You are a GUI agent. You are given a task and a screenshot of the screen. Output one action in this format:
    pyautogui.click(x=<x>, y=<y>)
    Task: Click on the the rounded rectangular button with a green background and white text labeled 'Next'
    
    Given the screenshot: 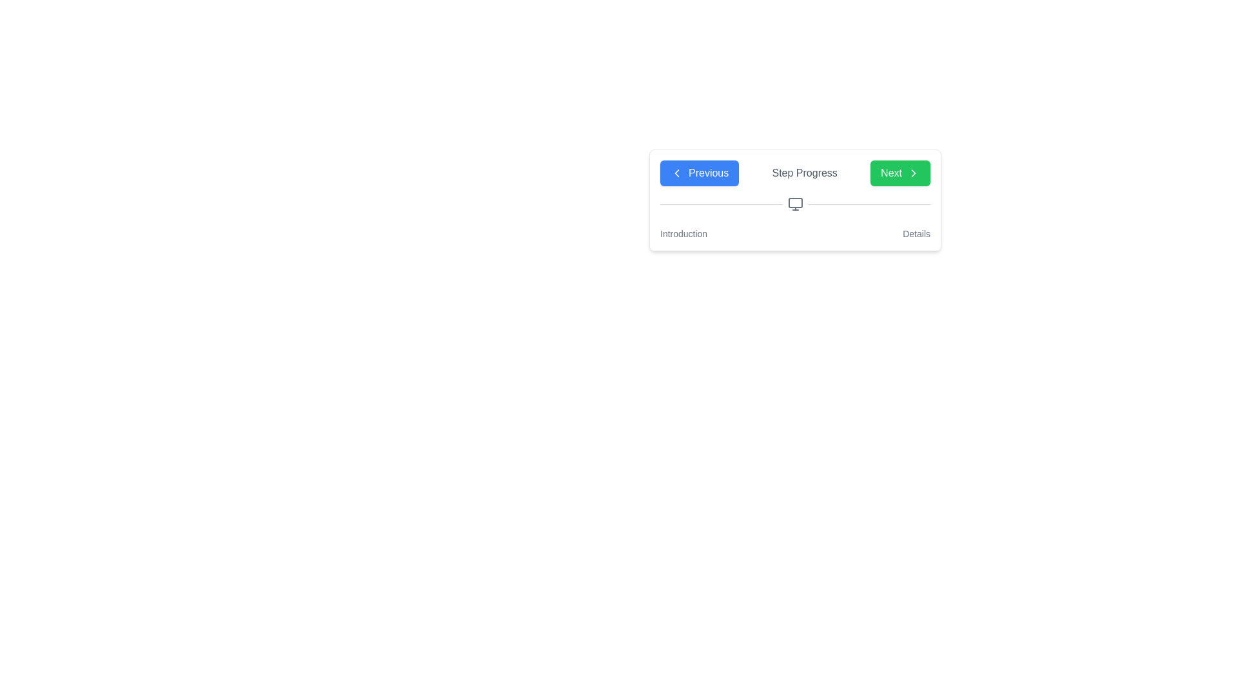 What is the action you would take?
    pyautogui.click(x=899, y=173)
    